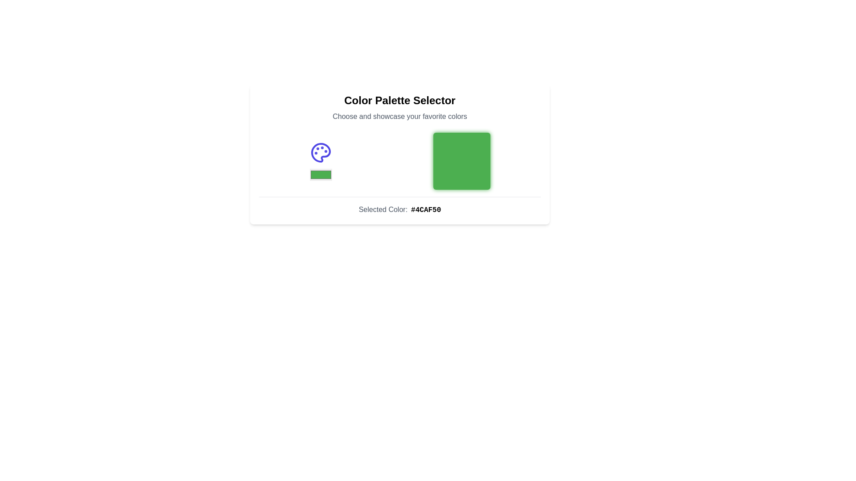 The width and height of the screenshot is (856, 481). Describe the element at coordinates (383, 209) in the screenshot. I see `the static text label that serves as a descriptor for the selected color value, positioned to the left of the sibling element displaying '#4CAF50'` at that location.